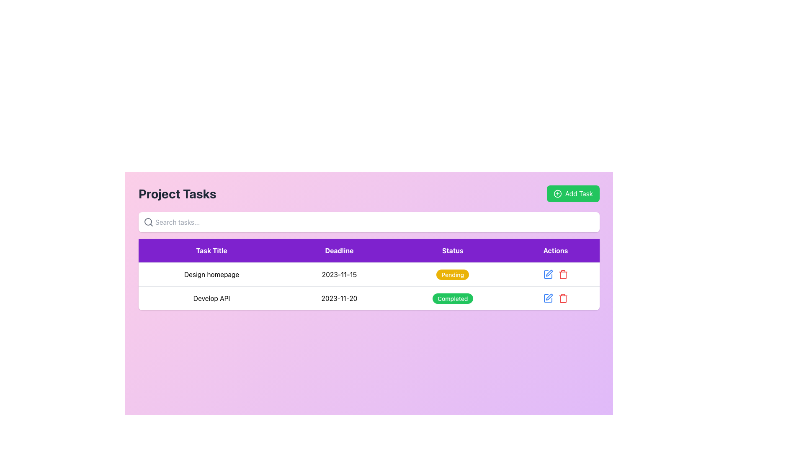 The width and height of the screenshot is (804, 452). I want to click on the text label displaying 'Develop API' in the task table's 'Task Title' column, which is centrally aligned and organized within the second row of the table, so click(211, 298).